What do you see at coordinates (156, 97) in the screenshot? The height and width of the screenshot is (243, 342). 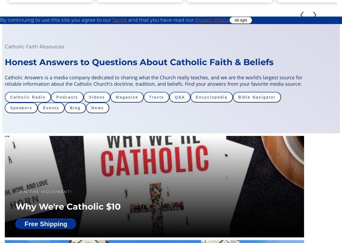 I see `'Tracts'` at bounding box center [156, 97].